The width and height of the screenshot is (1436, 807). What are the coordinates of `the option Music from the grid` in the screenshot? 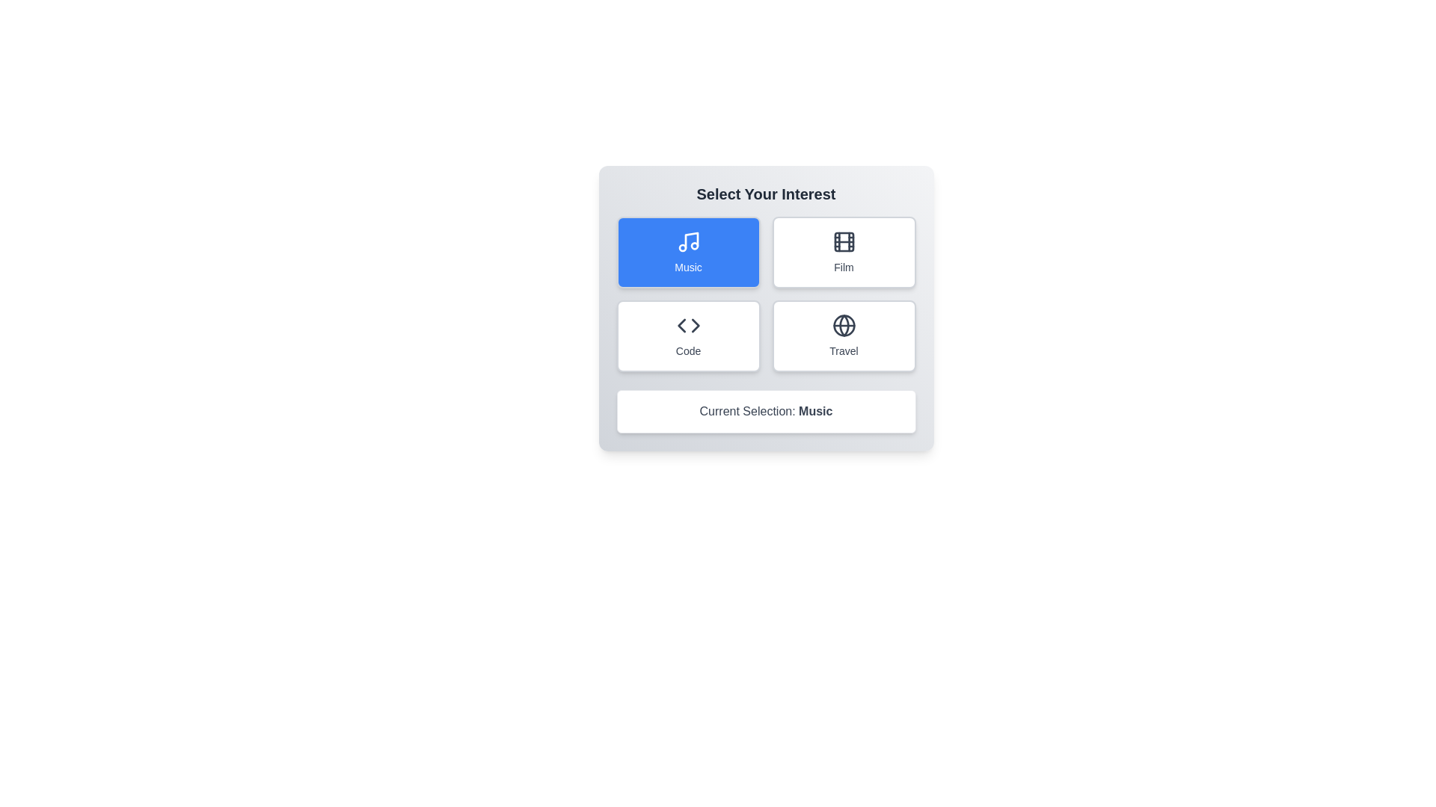 It's located at (687, 252).